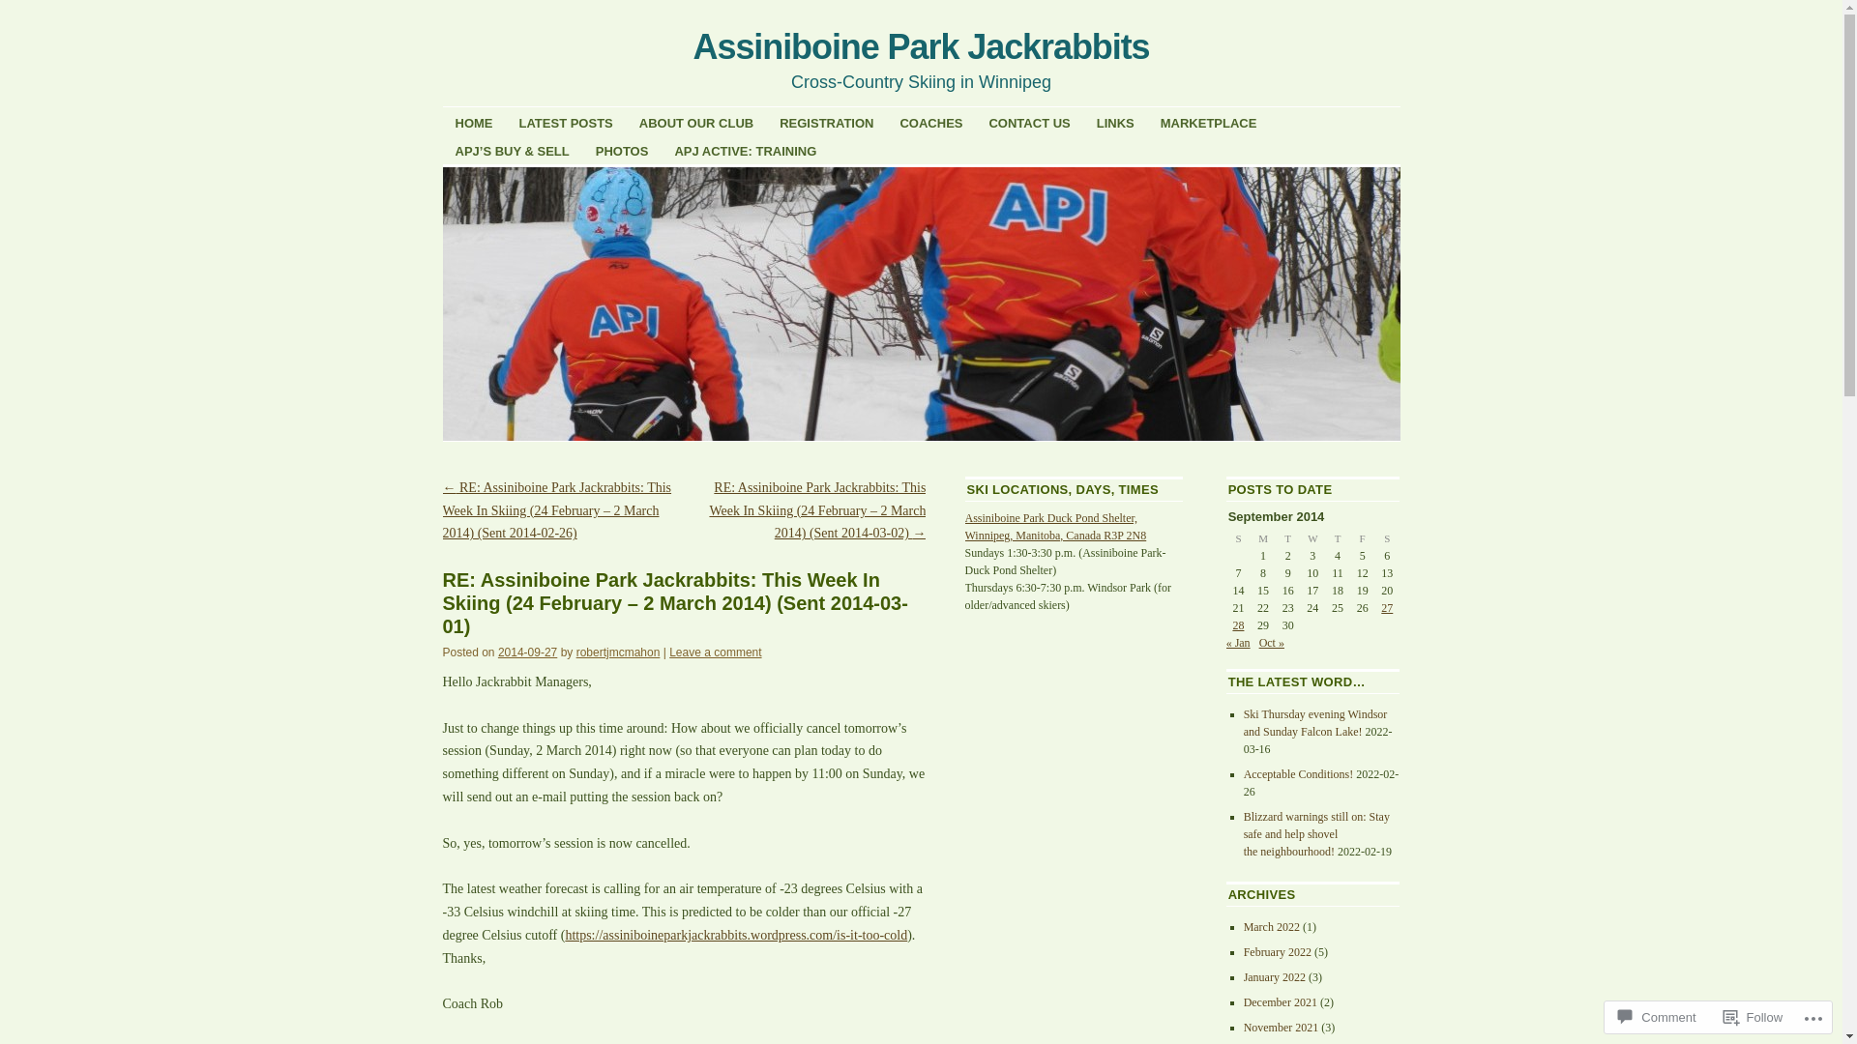 This screenshot has width=1857, height=1044. What do you see at coordinates (1281, 1027) in the screenshot?
I see `'November 2021'` at bounding box center [1281, 1027].